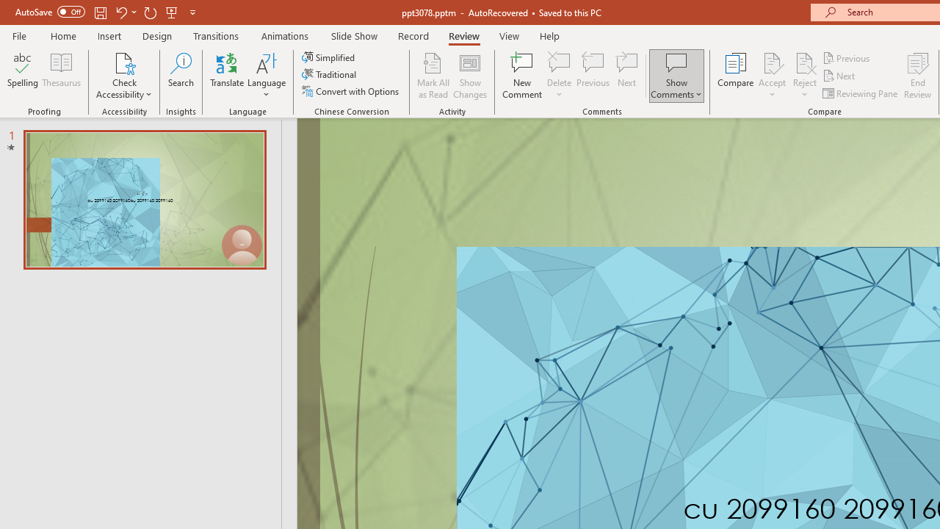  Describe the element at coordinates (840, 76) in the screenshot. I see `'Next'` at that location.